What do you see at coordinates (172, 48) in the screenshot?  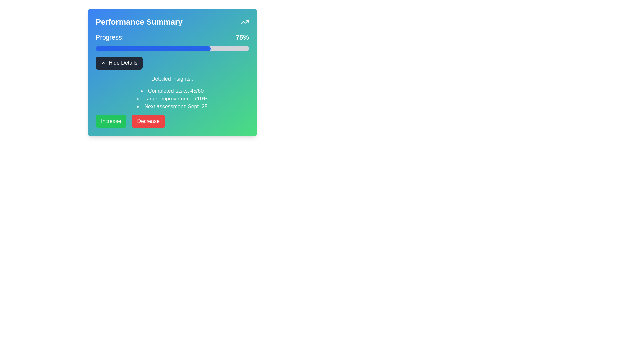 I see `the progress bar indicating 75% completion located below the 'Progress: 75%' text within a blue-to-green gradient card` at bounding box center [172, 48].